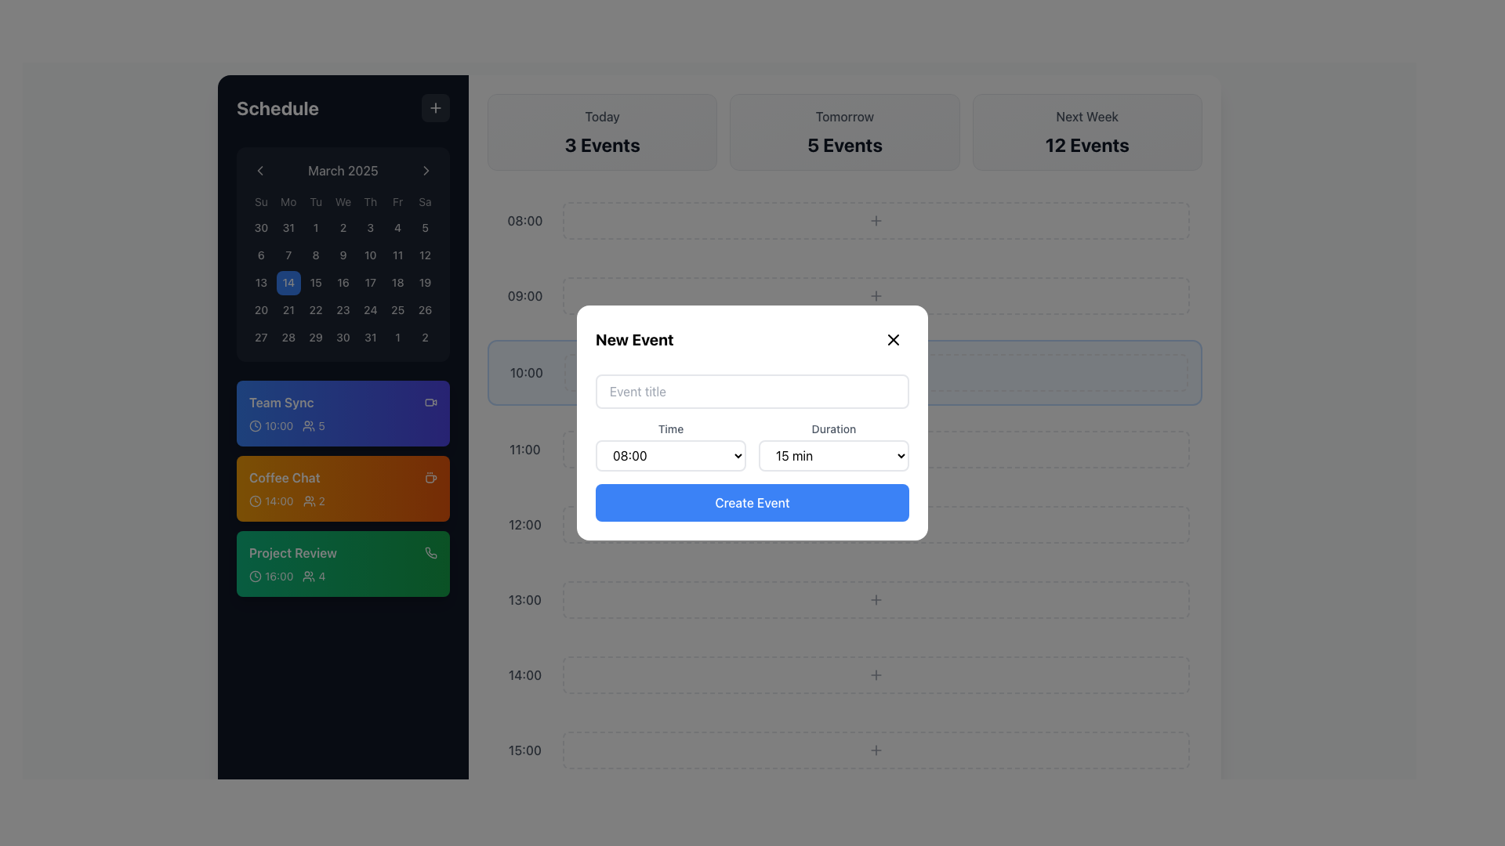 This screenshot has width=1505, height=846. I want to click on the Time label indicating the beginning of the time slot for '08:00', located at the top-left area of the schedule grid, so click(525, 220).